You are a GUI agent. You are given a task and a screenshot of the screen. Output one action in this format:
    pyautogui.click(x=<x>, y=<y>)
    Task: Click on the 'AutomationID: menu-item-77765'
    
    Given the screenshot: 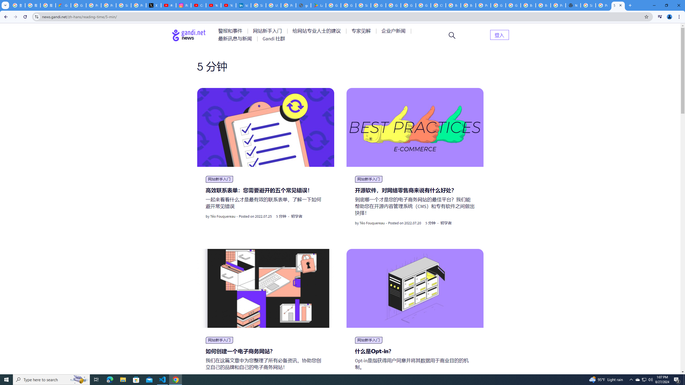 What is the action you would take?
    pyautogui.click(x=394, y=30)
    